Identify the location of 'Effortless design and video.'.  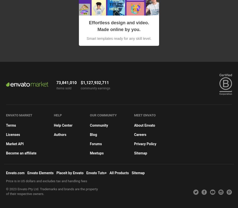
(118, 22).